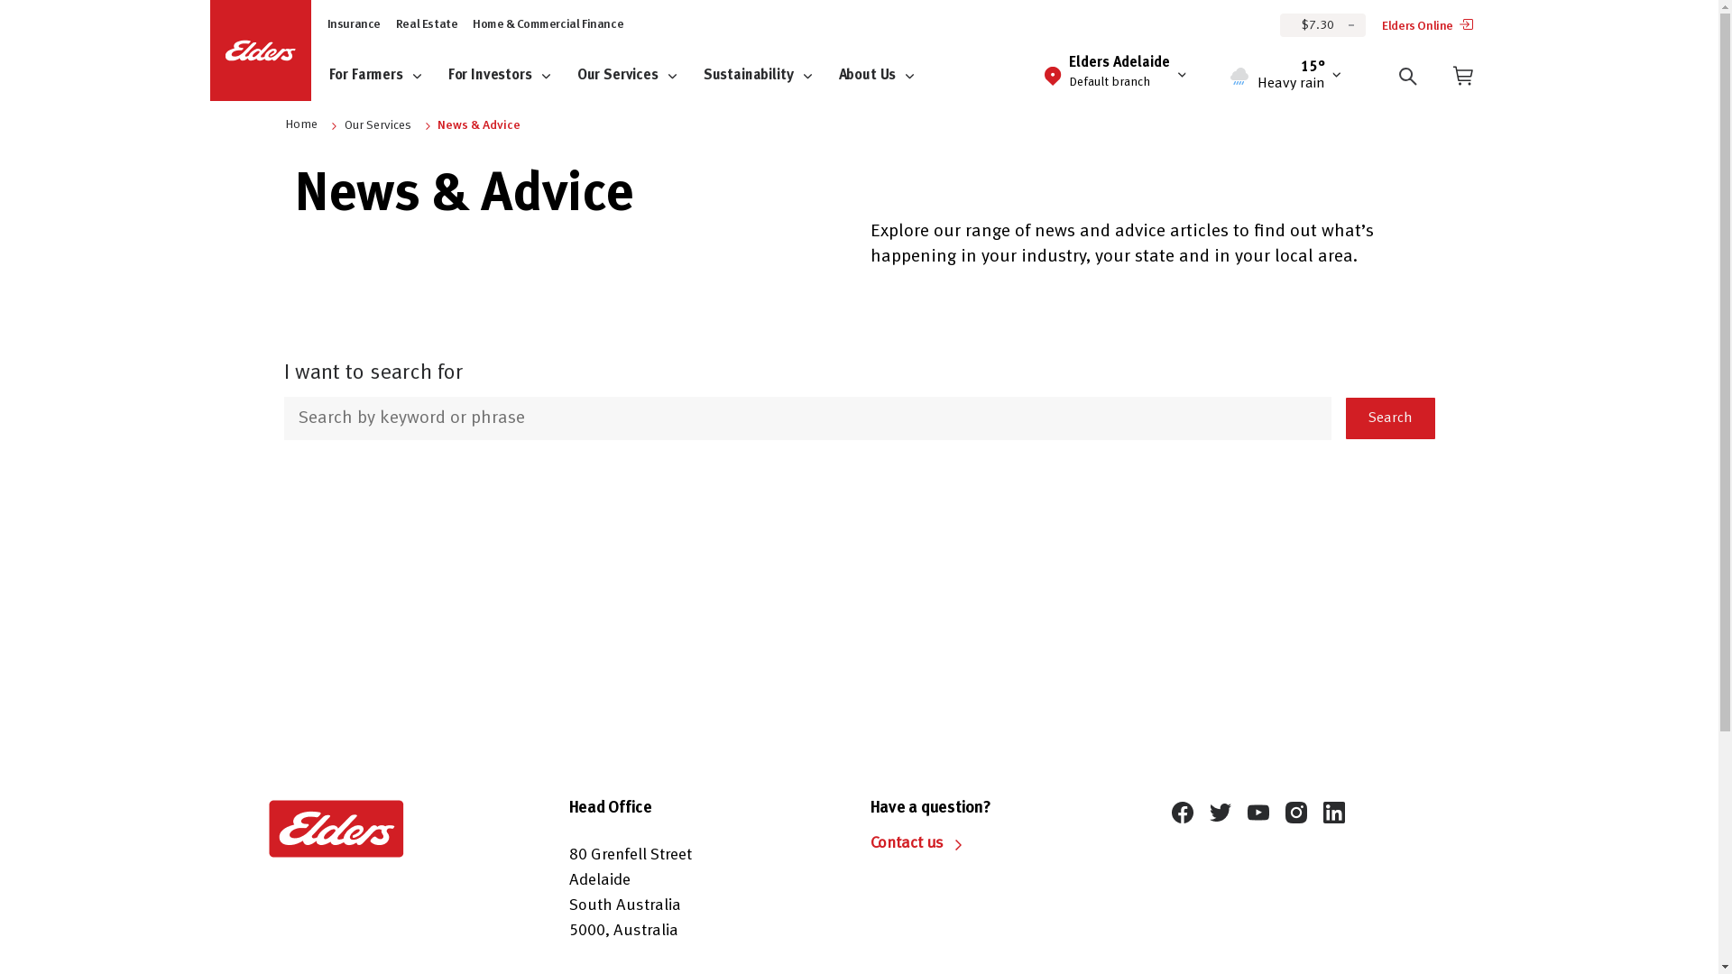 The image size is (1732, 974). Describe the element at coordinates (767, 75) in the screenshot. I see `'Sustainability'` at that location.